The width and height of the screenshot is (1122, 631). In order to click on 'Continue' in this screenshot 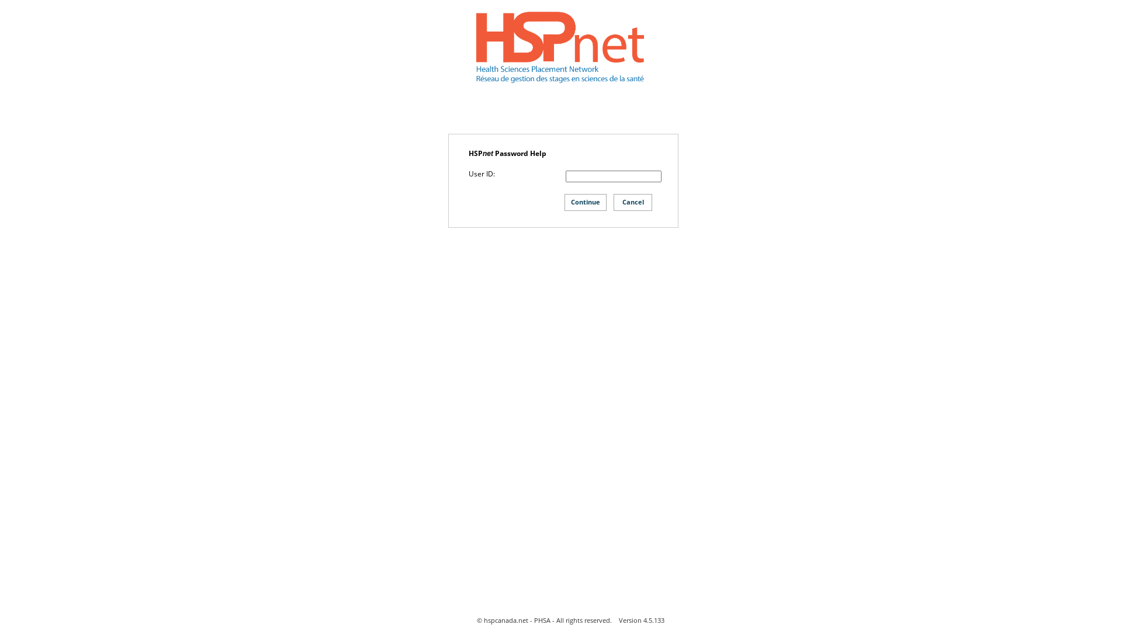, I will do `click(586, 202)`.